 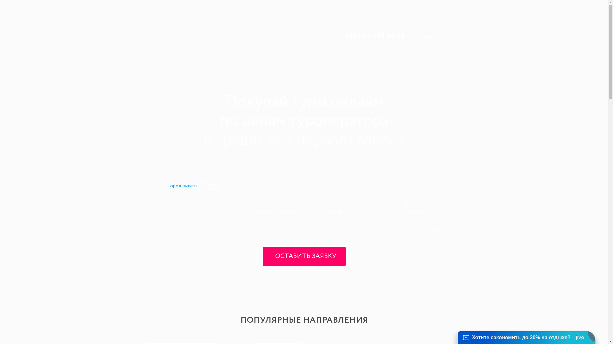 What do you see at coordinates (374, 35) in the screenshot?
I see `'+375 29 175 46 06'` at bounding box center [374, 35].